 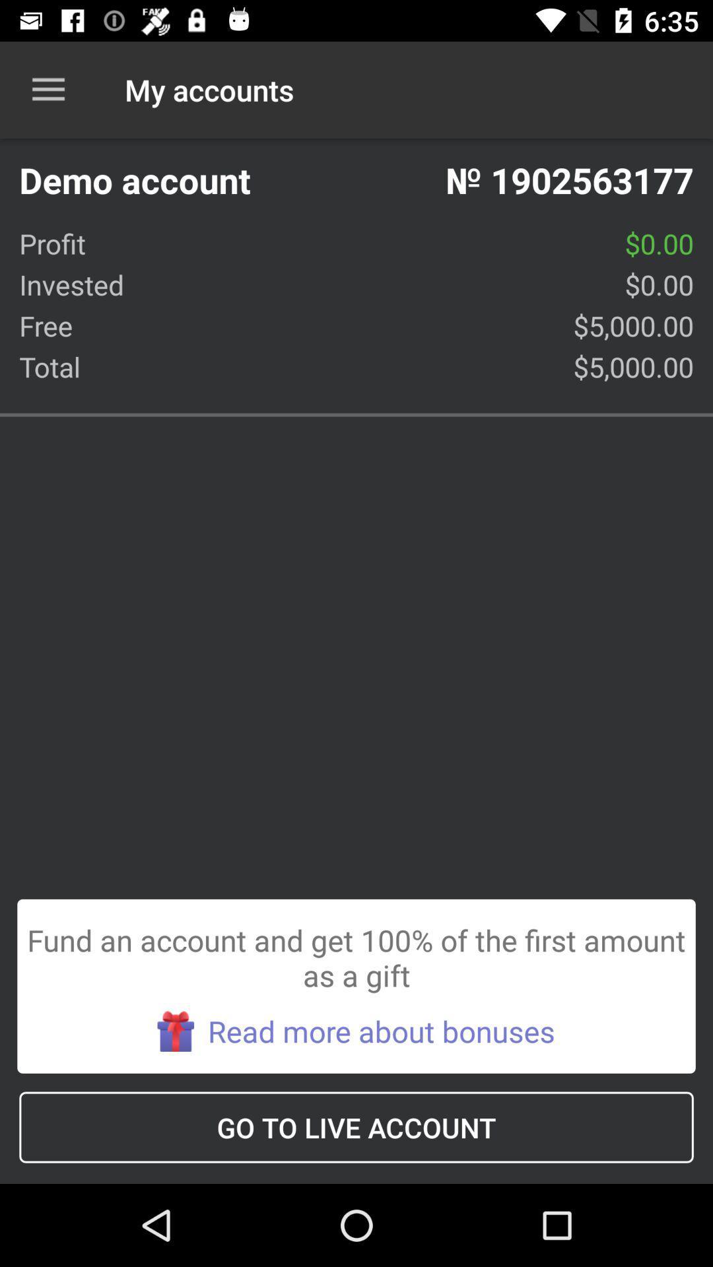 I want to click on the app next to my accounts icon, so click(x=48, y=89).